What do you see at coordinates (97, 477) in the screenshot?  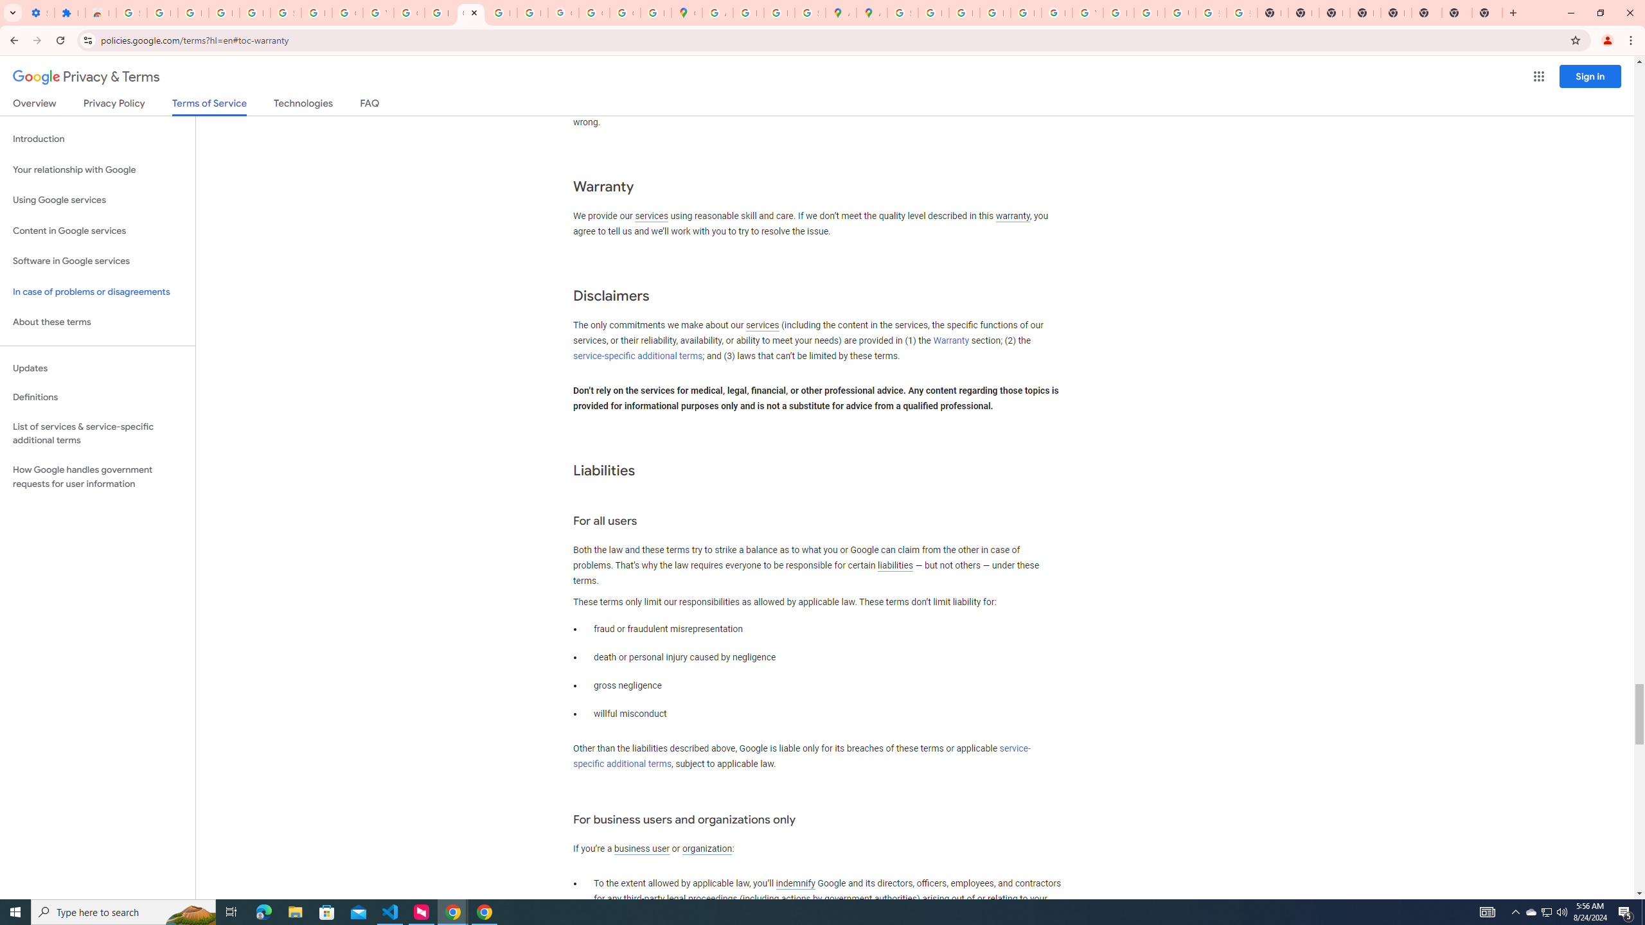 I see `'How Google handles government requests for user information'` at bounding box center [97, 477].